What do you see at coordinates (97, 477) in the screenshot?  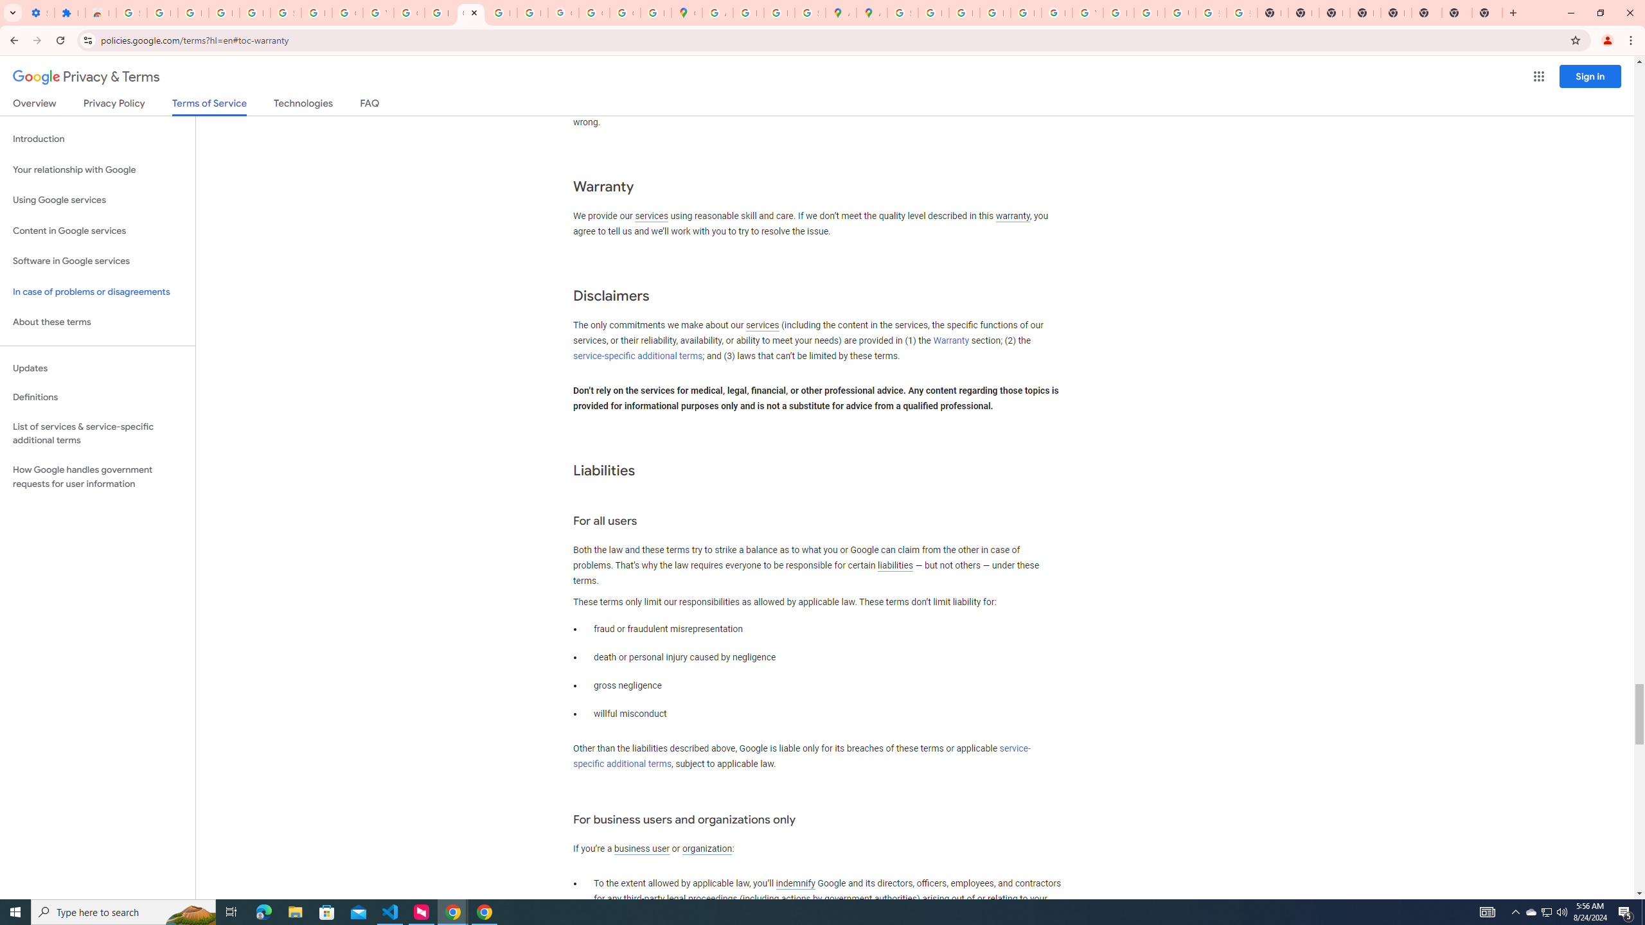 I see `'How Google handles government requests for user information'` at bounding box center [97, 477].